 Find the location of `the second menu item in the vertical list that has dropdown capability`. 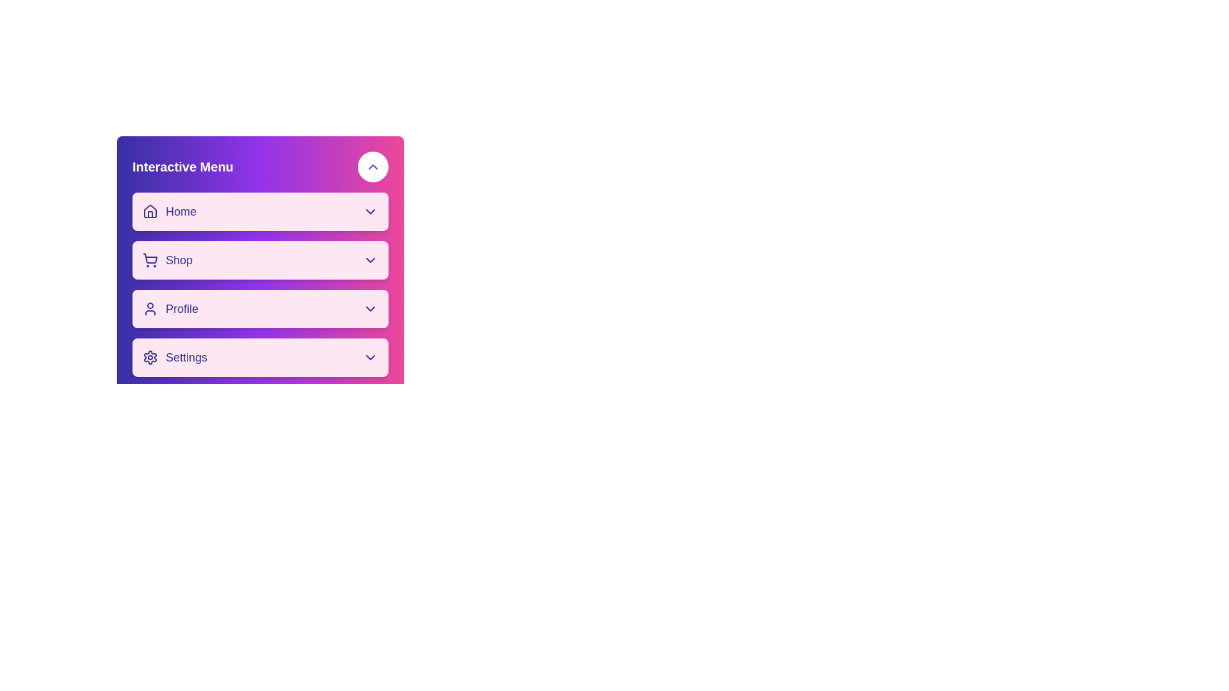

the second menu item in the vertical list that has dropdown capability is located at coordinates (260, 260).